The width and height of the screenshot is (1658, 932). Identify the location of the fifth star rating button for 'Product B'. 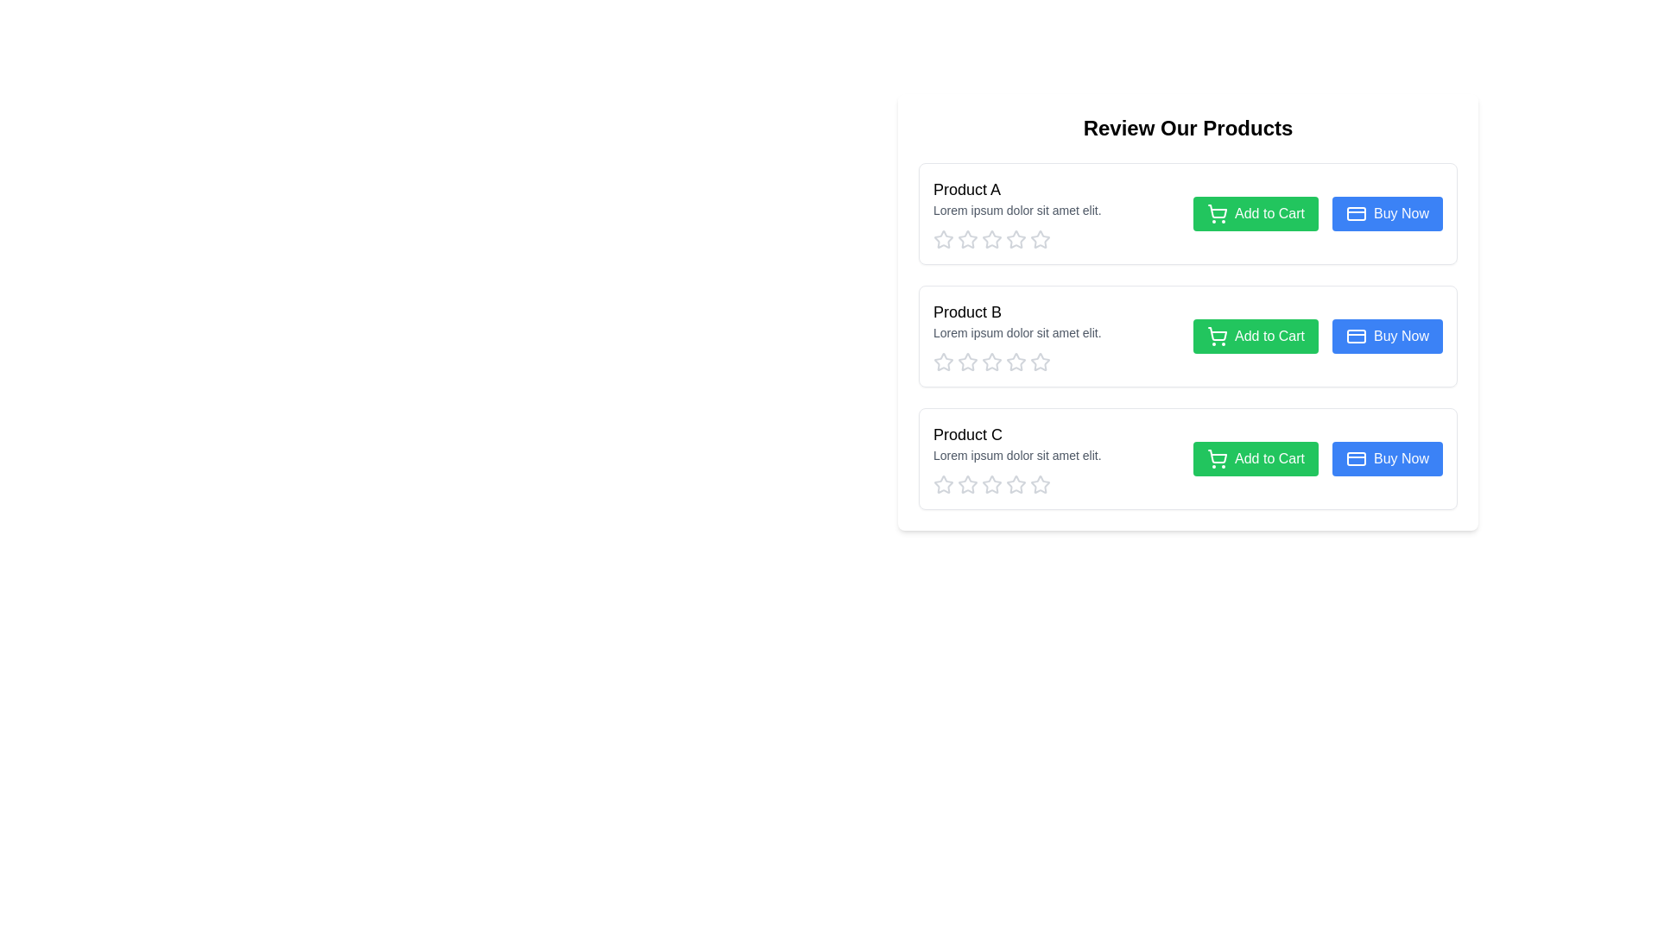
(1016, 362).